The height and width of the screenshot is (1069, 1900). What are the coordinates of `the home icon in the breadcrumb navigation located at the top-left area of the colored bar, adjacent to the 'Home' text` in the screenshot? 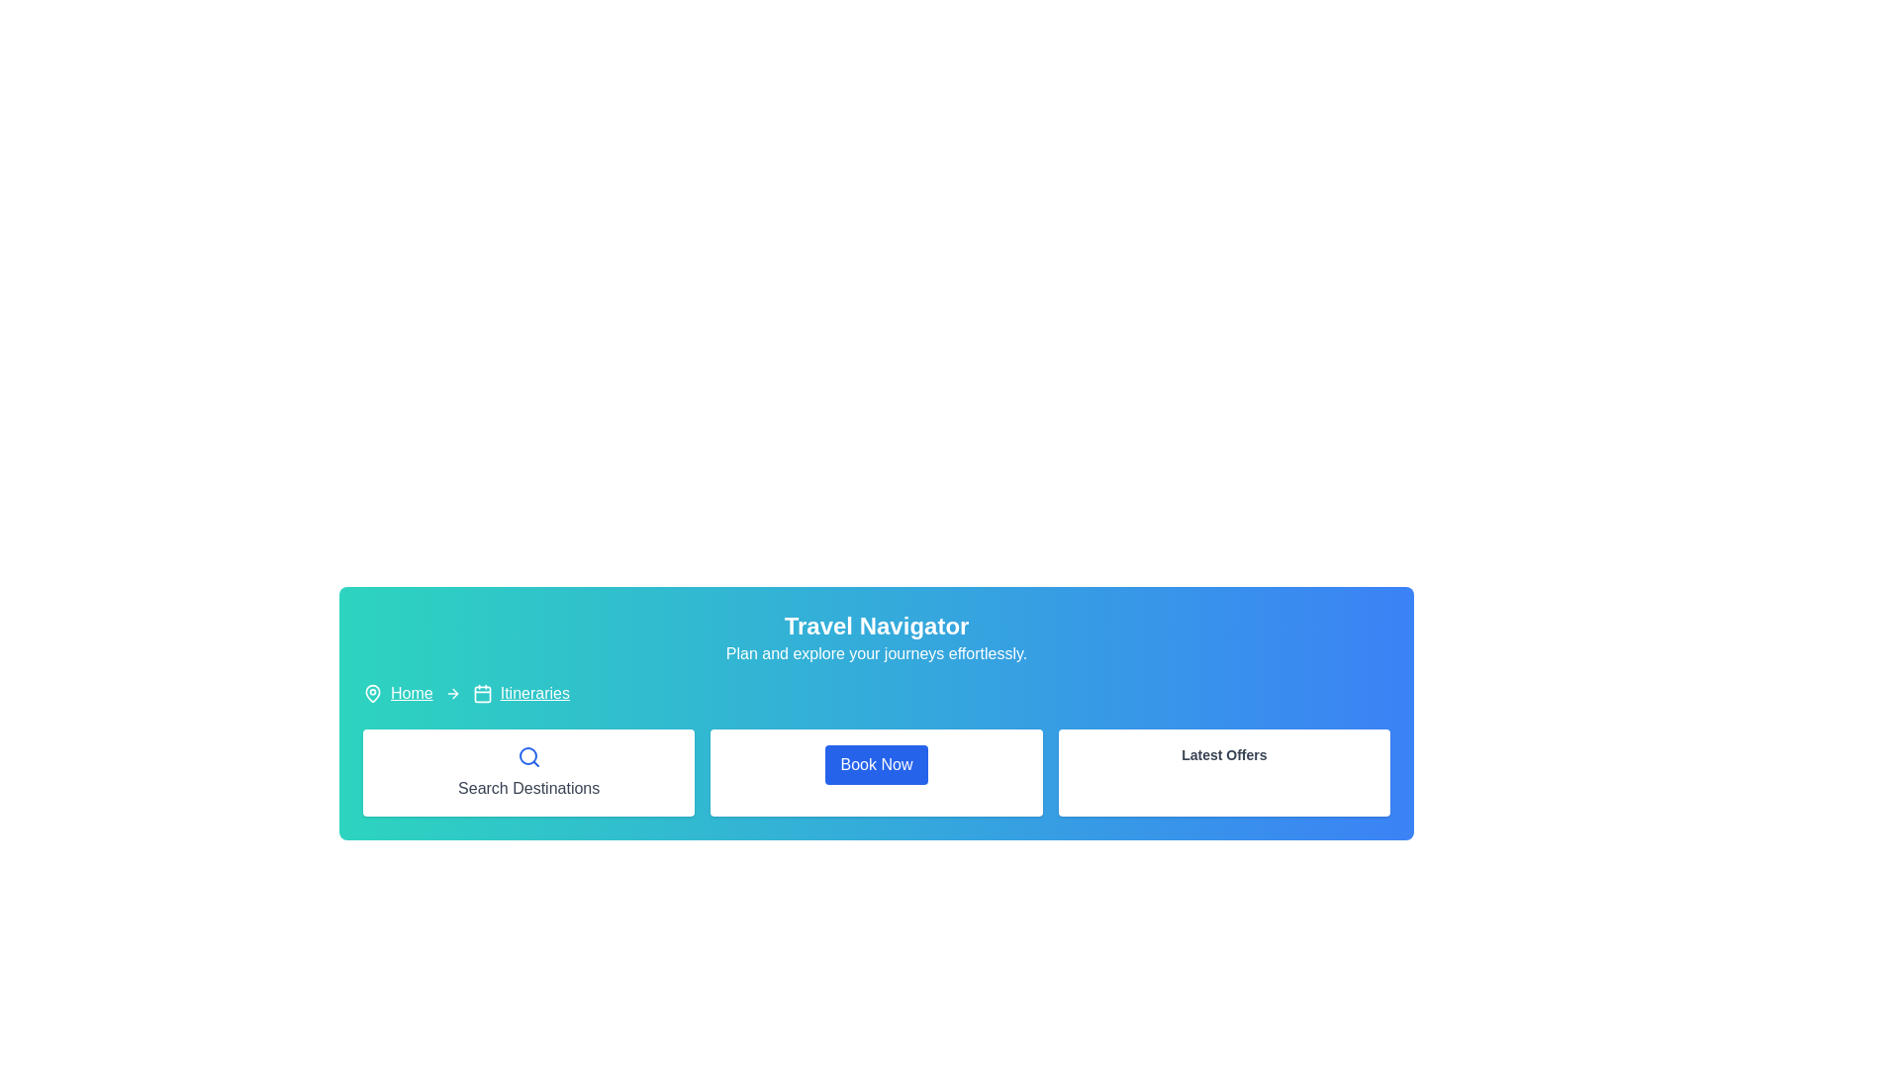 It's located at (373, 693).